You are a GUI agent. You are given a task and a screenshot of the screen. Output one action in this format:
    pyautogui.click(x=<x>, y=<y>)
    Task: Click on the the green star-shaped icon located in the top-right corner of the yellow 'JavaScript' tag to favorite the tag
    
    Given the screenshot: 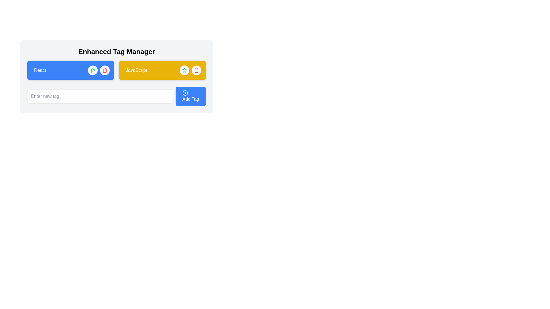 What is the action you would take?
    pyautogui.click(x=93, y=70)
    